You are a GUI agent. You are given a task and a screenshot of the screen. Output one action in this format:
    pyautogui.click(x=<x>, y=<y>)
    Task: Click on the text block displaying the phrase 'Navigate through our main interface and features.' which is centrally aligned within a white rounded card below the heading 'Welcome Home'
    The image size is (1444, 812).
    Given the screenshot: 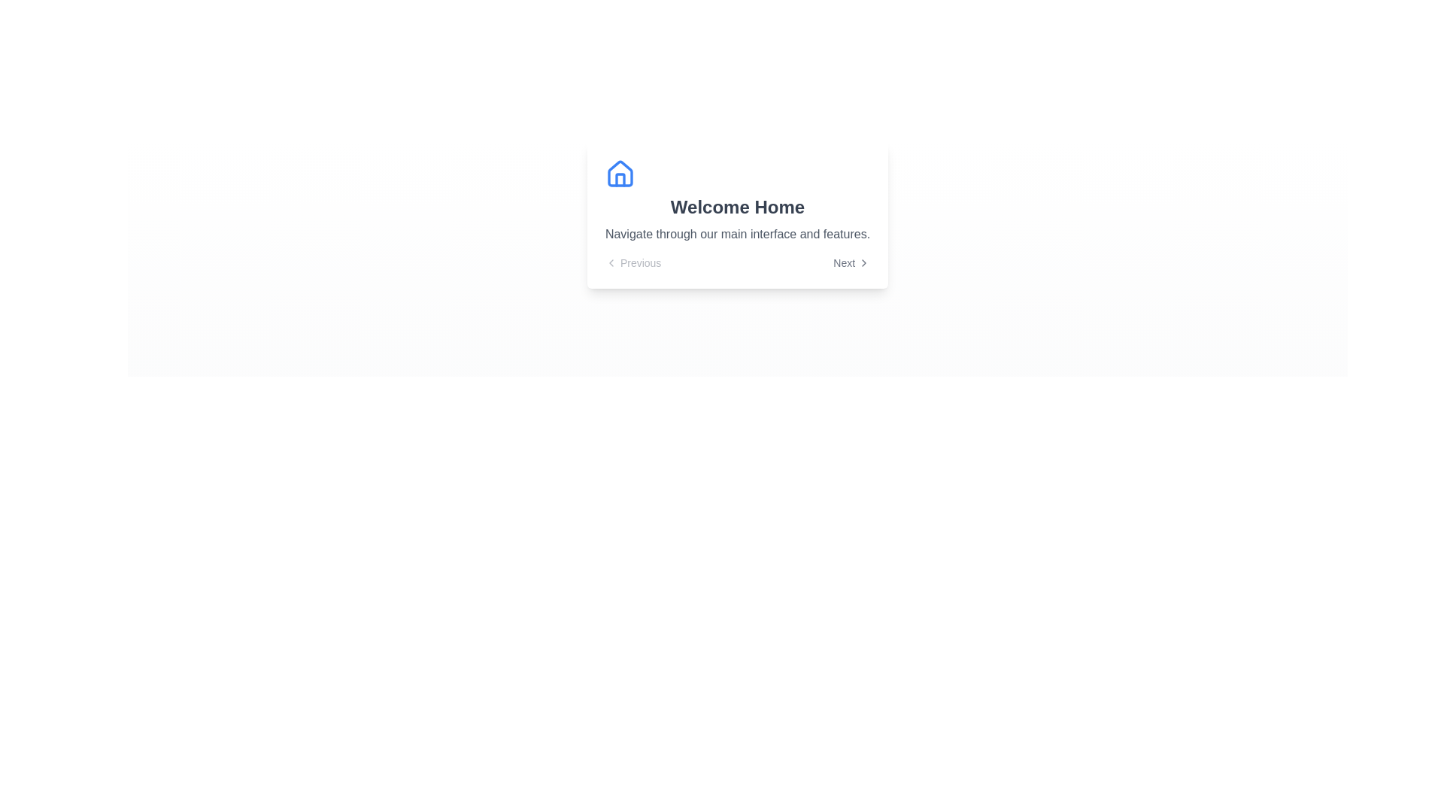 What is the action you would take?
    pyautogui.click(x=737, y=235)
    